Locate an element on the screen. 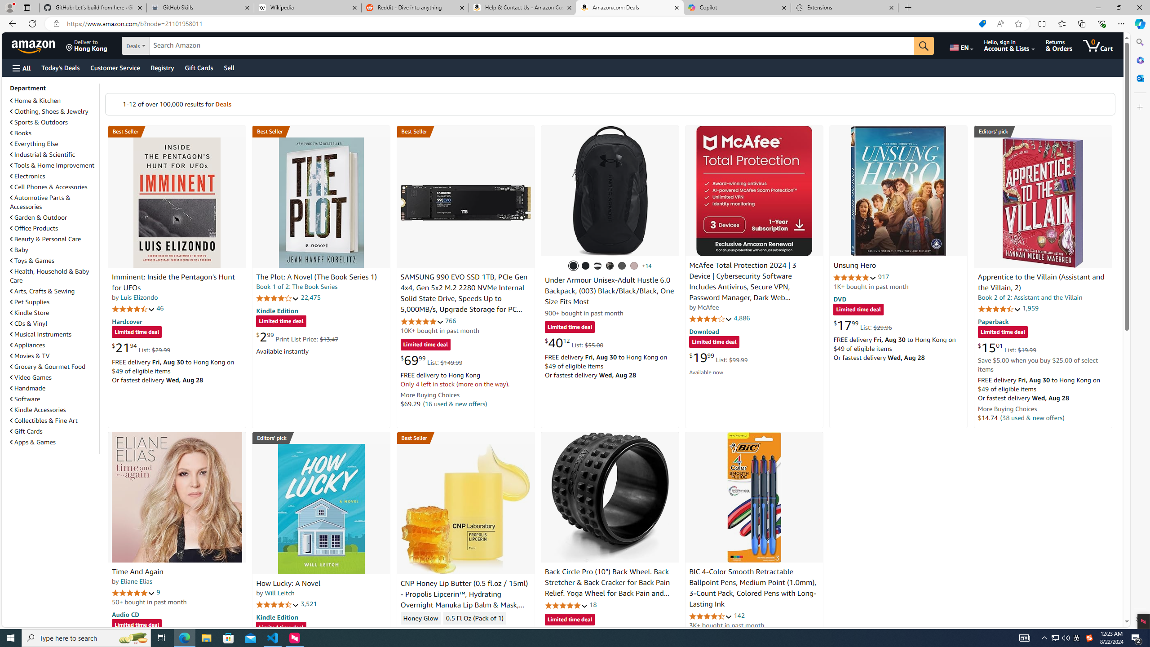  'Open Menu' is located at coordinates (21, 67).